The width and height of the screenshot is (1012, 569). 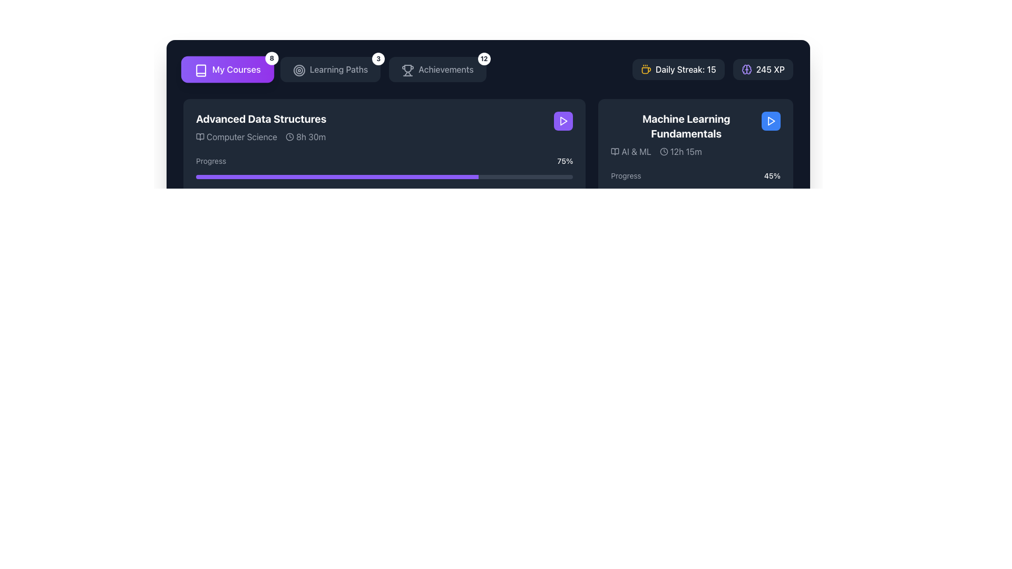 I want to click on to select the Course card titled 'Machine Learning Fundamentals' with a dark gray background and a blue play button in the top-right corner, so click(x=696, y=167).